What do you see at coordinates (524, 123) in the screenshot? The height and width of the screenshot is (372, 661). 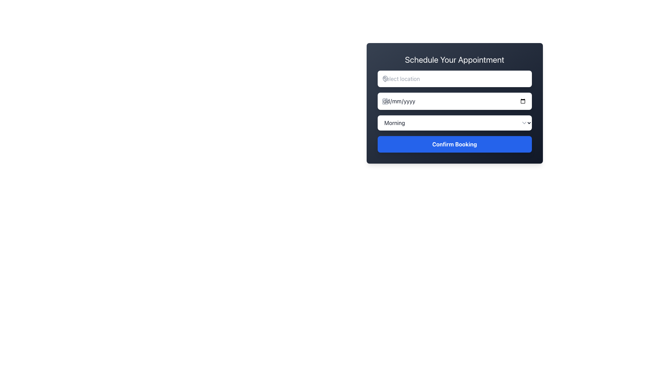 I see `the small gray downward-pointing chevron icon located to the right side of the 'Morning' input box` at bounding box center [524, 123].